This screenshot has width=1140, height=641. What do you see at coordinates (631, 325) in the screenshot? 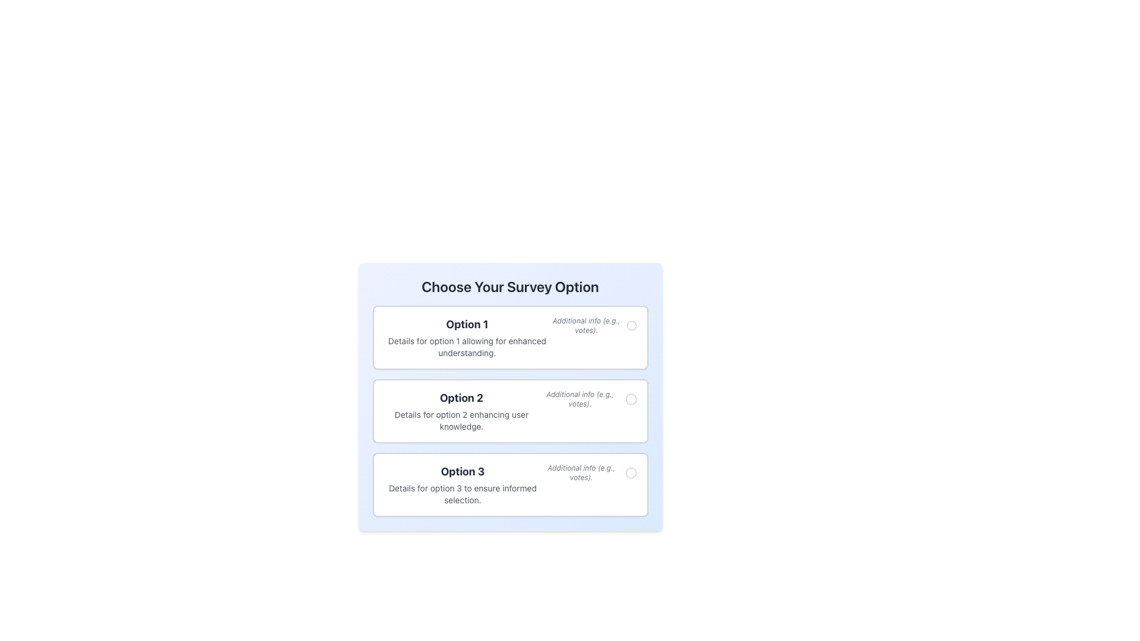
I see `the first radio button labeled 'Option 1' in the survey form` at bounding box center [631, 325].